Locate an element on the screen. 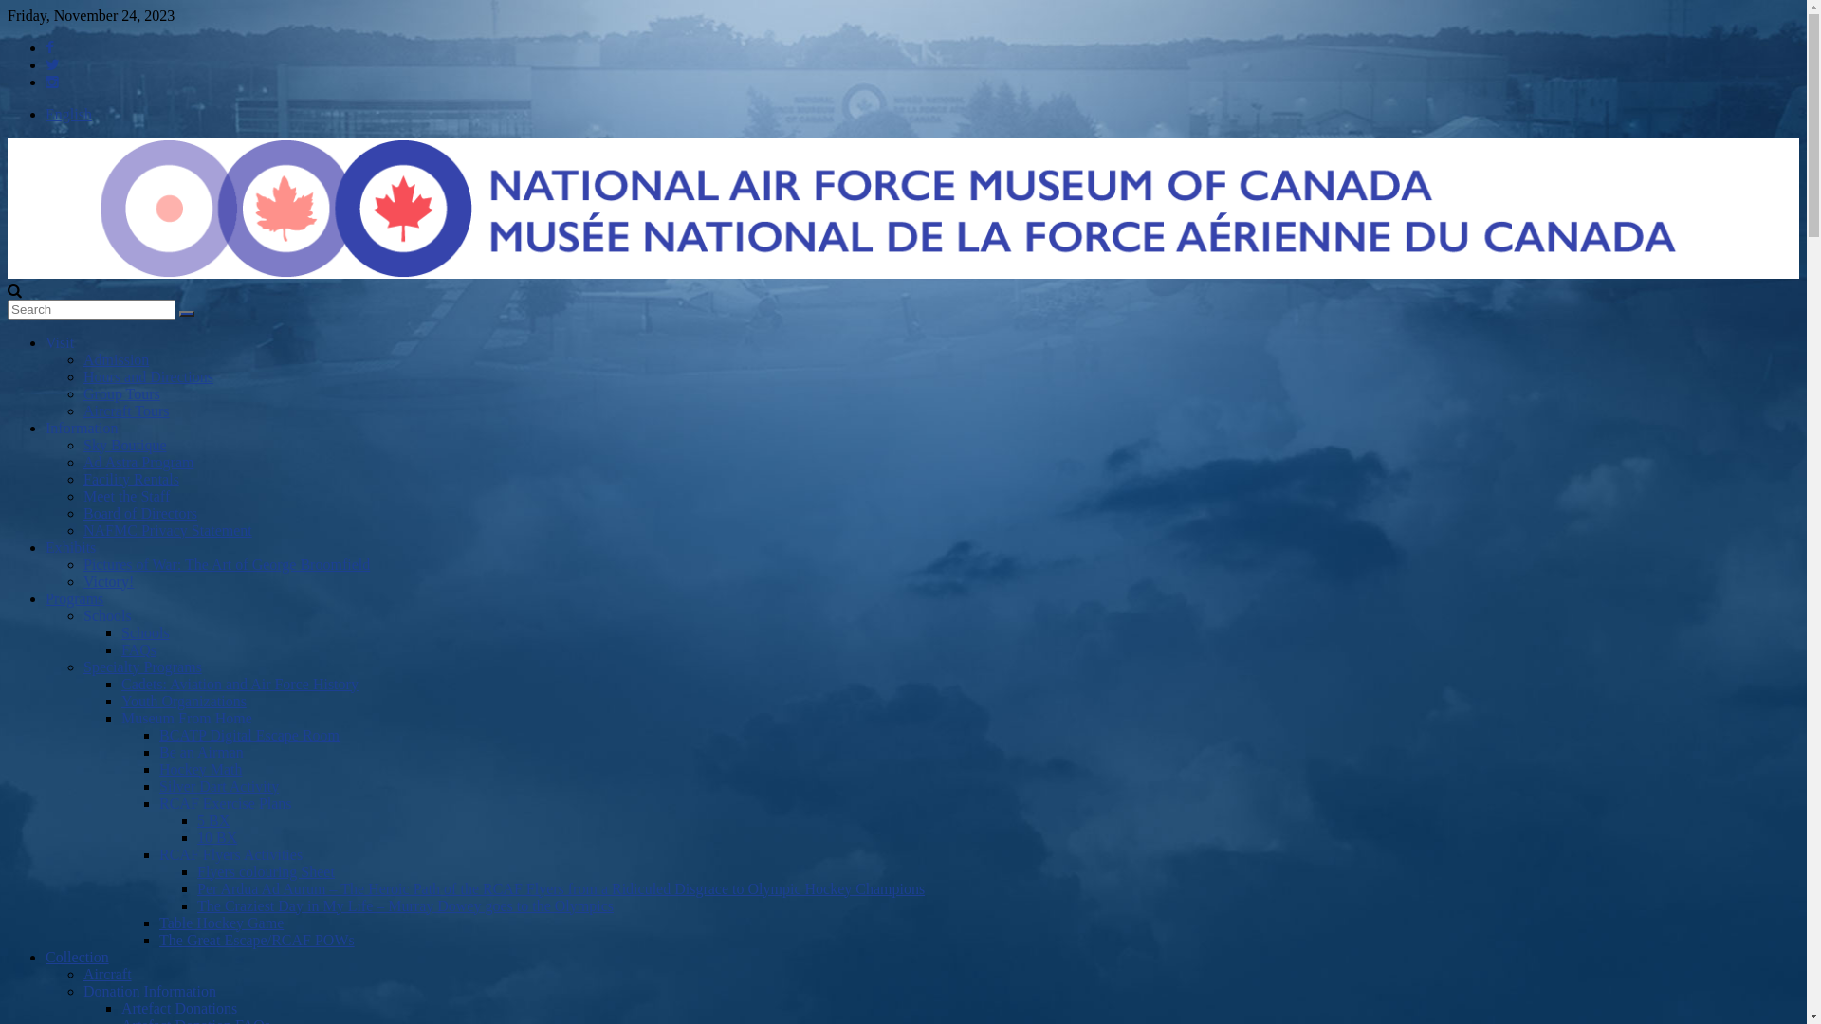  'The Great Escape/RCAF POWs' is located at coordinates (255, 940).